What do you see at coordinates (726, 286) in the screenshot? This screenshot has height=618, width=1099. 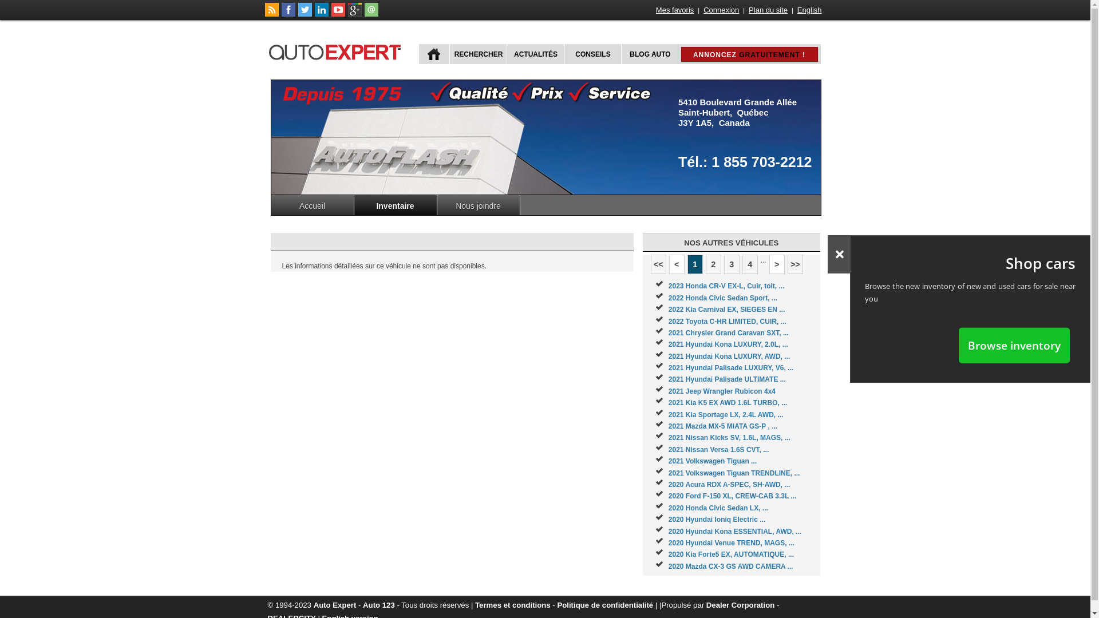 I see `'2023 Honda CR-V EX-L, Cuir, toit, ...'` at bounding box center [726, 286].